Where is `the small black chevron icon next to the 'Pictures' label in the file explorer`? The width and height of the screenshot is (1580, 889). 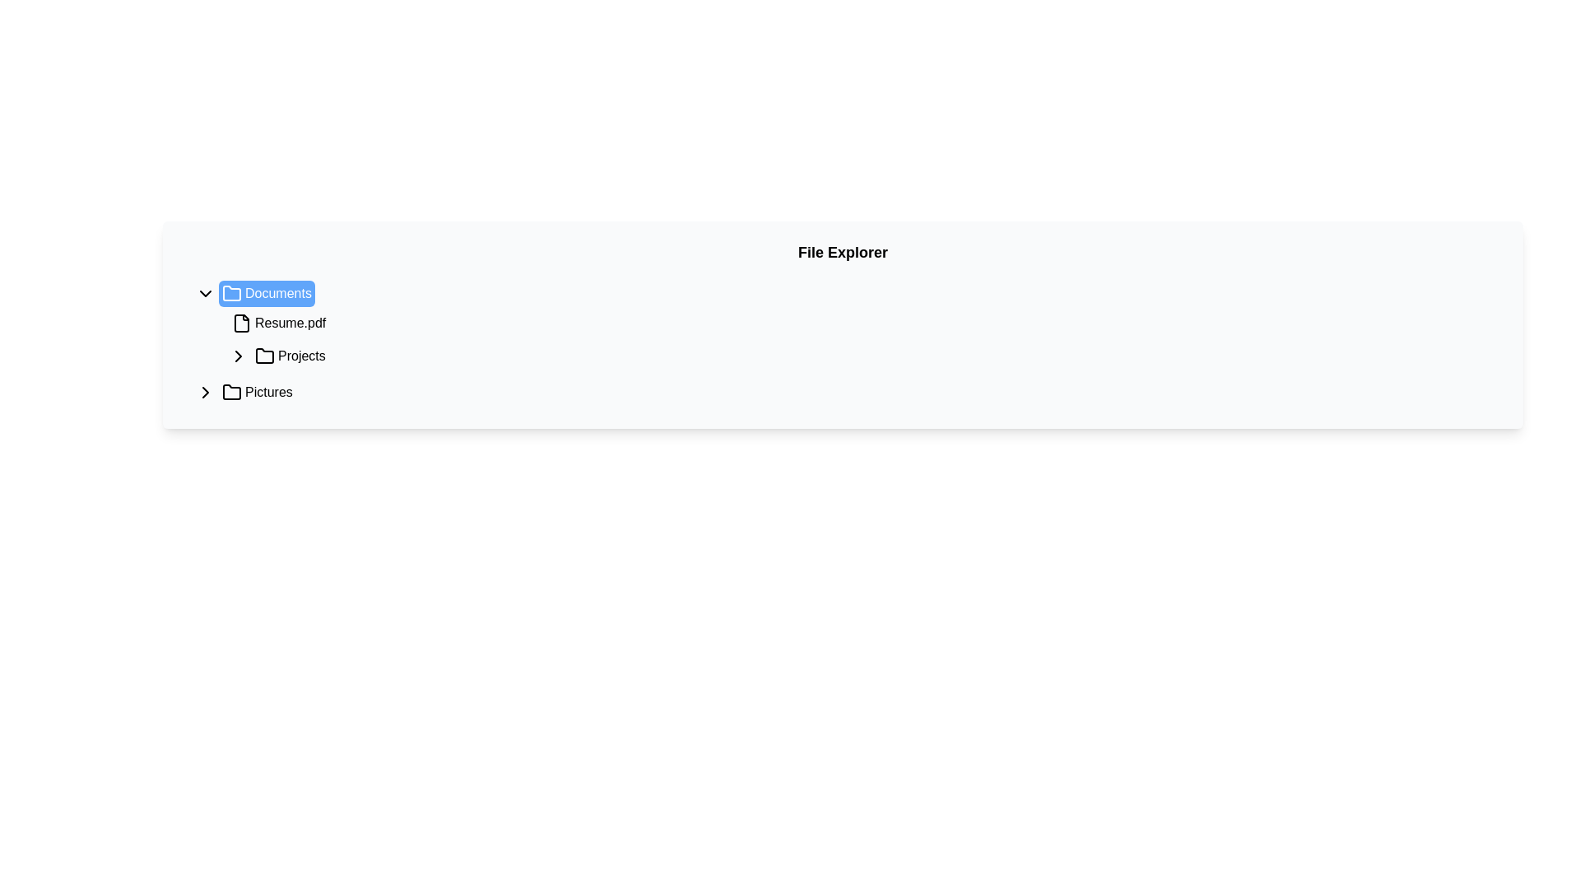 the small black chevron icon next to the 'Pictures' label in the file explorer is located at coordinates (204, 393).